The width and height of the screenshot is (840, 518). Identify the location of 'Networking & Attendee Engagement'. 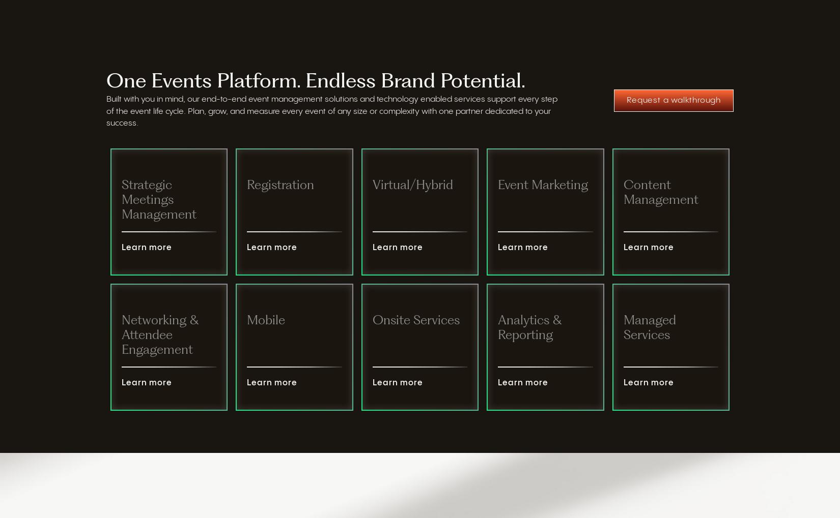
(160, 335).